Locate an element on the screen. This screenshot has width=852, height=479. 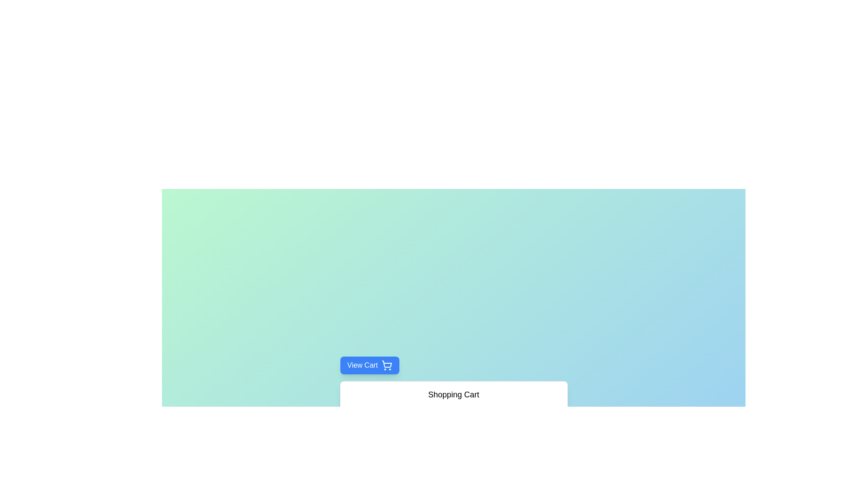
the shopping cart icon, which is styled in white on a blue button background, to interact with the 'View Cart' functionality is located at coordinates (387, 365).